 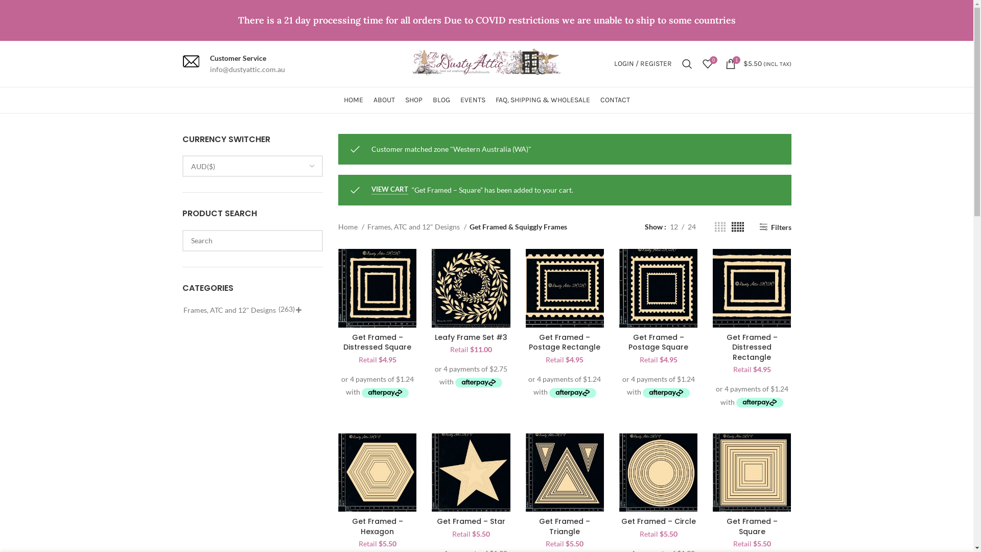 I want to click on '12', so click(x=674, y=226).